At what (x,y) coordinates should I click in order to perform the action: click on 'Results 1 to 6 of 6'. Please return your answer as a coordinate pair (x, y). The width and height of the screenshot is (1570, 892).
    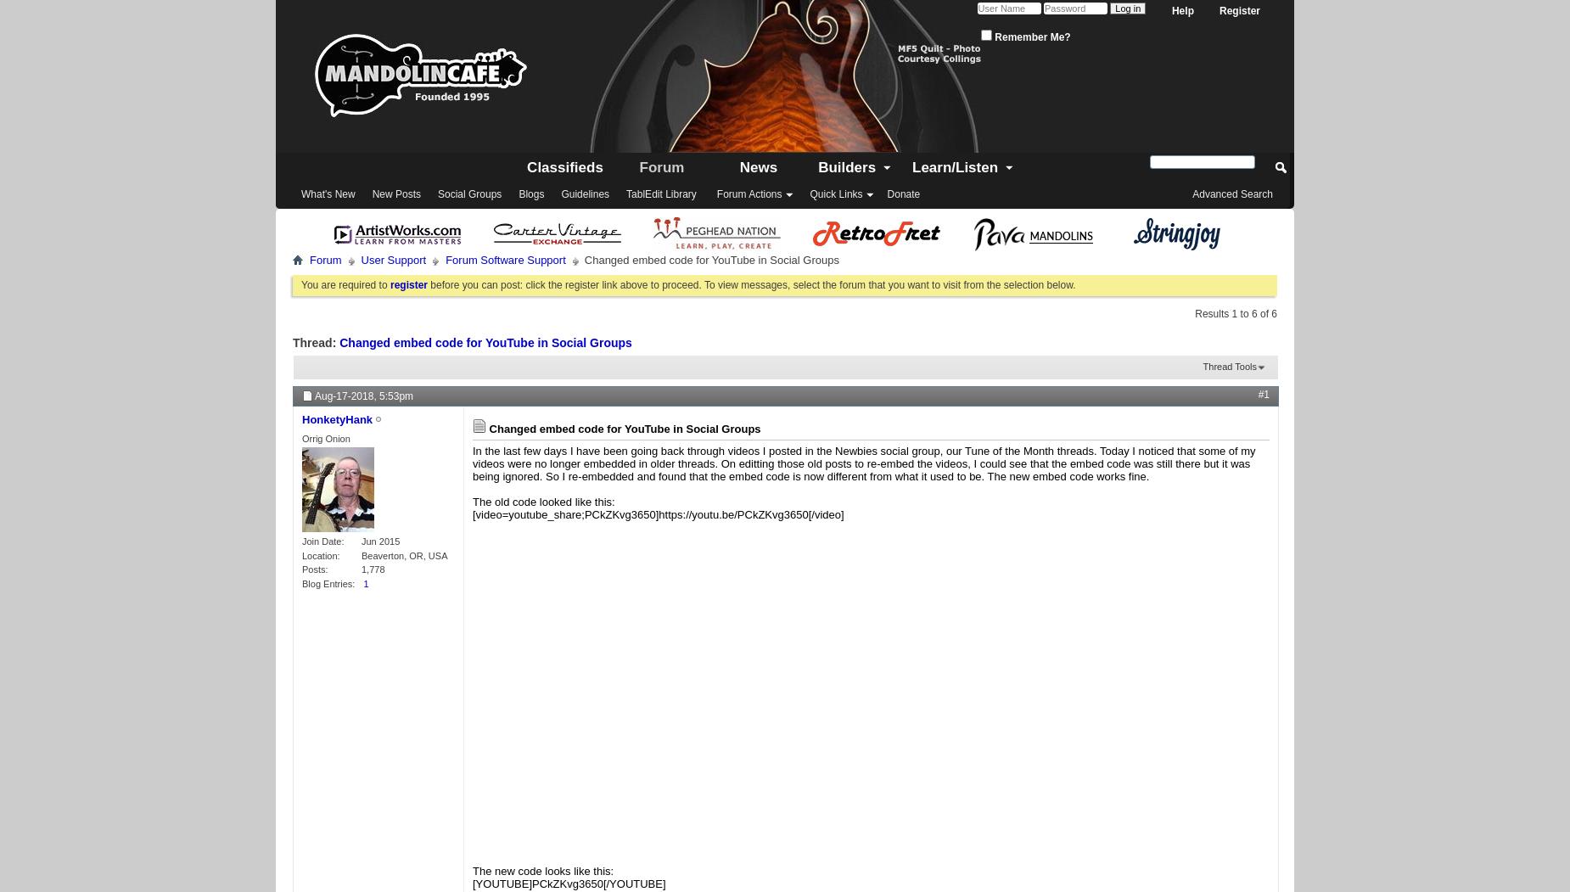
    Looking at the image, I should click on (1236, 312).